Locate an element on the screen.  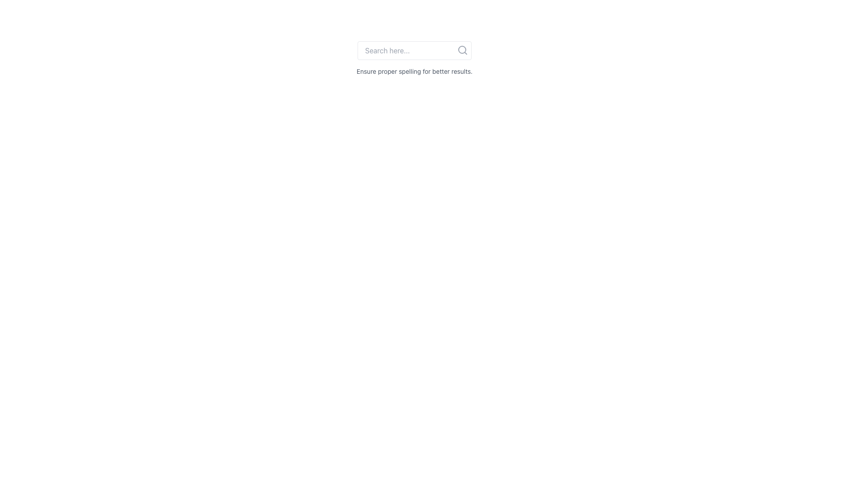
the magnifying glass icon, which is a gray line drawing located at the top-right corner of the search bar, next to the text input field with the placeholder 'Search here...' is located at coordinates (462, 50).